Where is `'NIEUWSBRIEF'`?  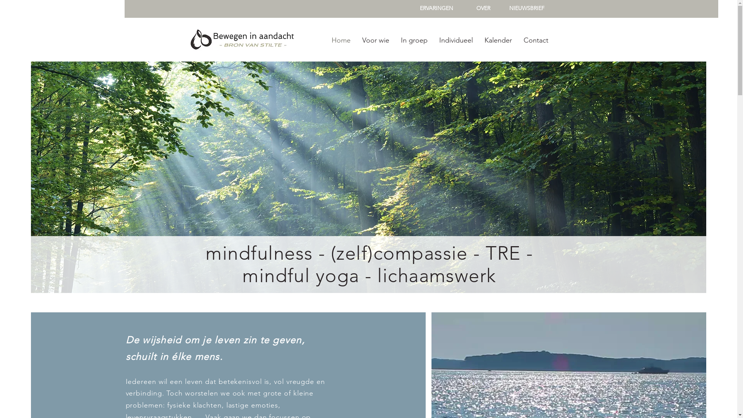 'NIEUWSBRIEF' is located at coordinates (527, 9).